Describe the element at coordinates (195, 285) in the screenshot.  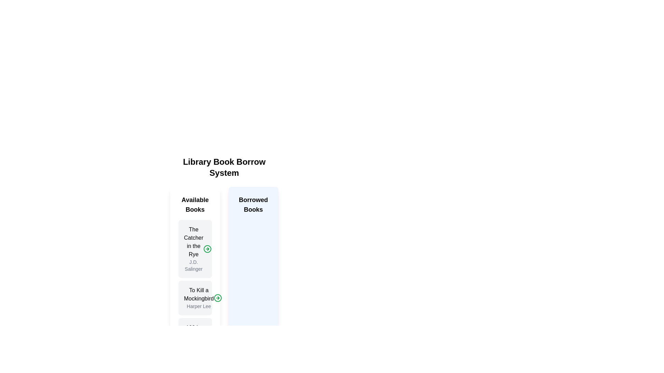
I see `the second Book Information Card in the 'Available Books' list` at that location.